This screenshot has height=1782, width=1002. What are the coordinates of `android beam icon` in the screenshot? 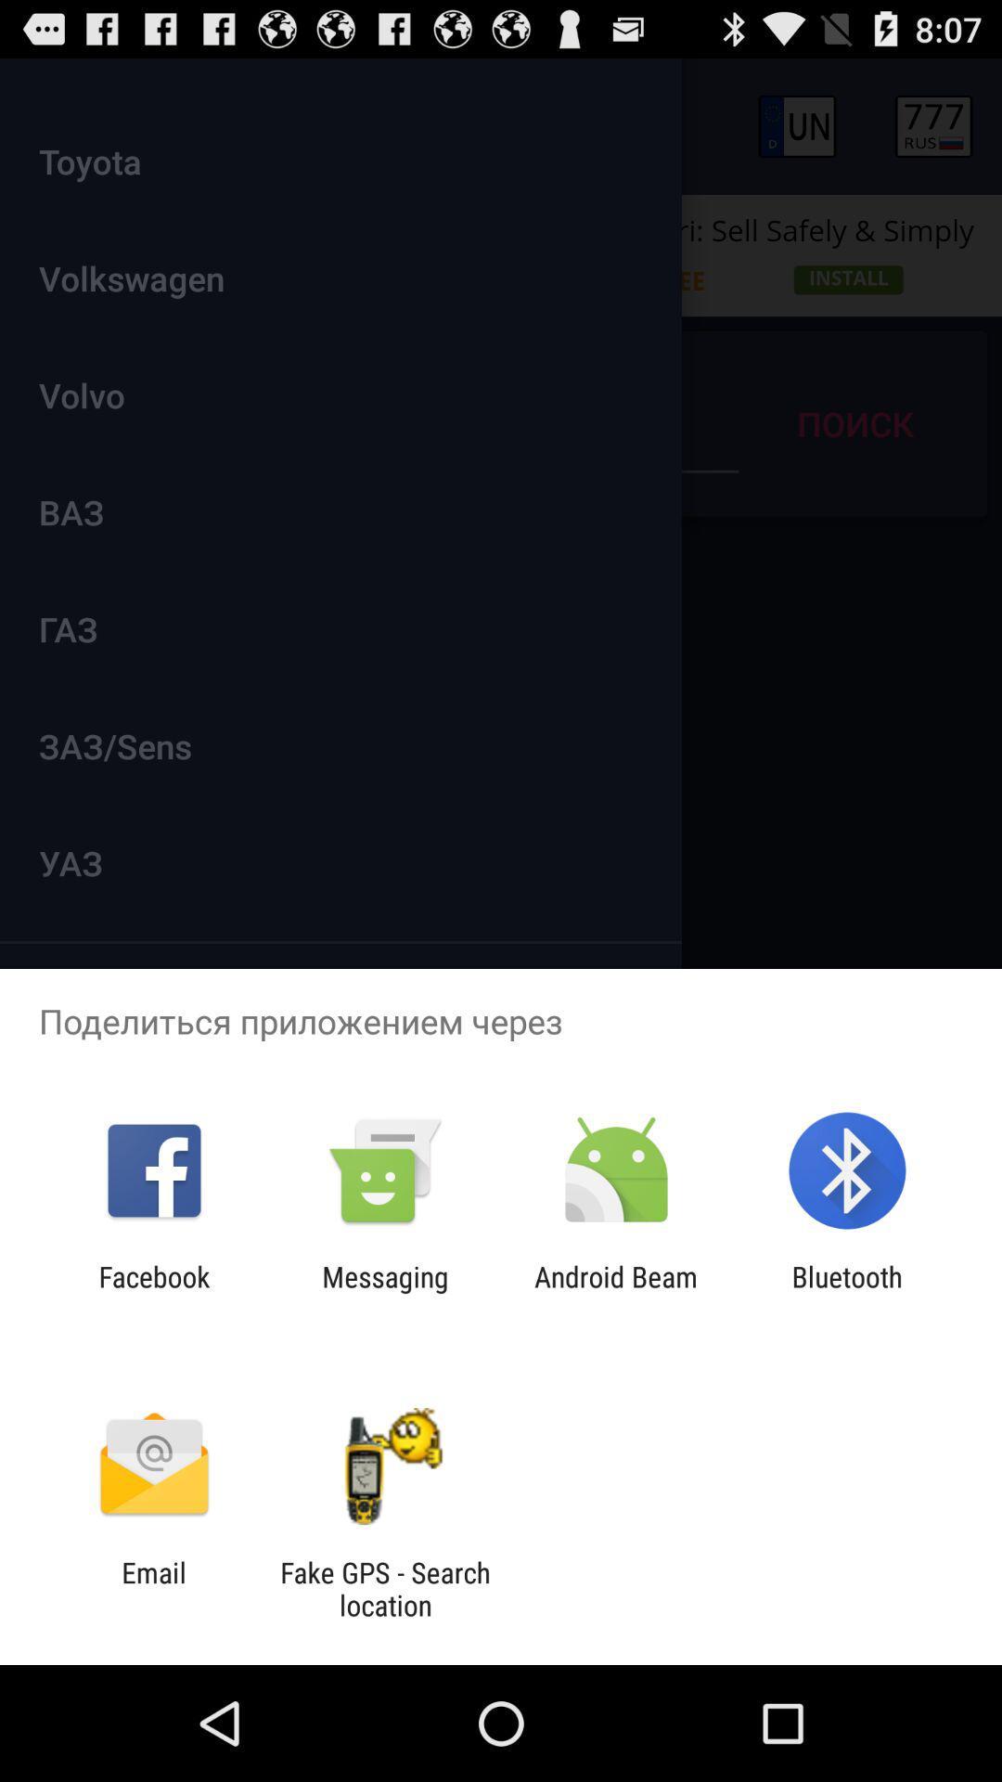 It's located at (616, 1292).